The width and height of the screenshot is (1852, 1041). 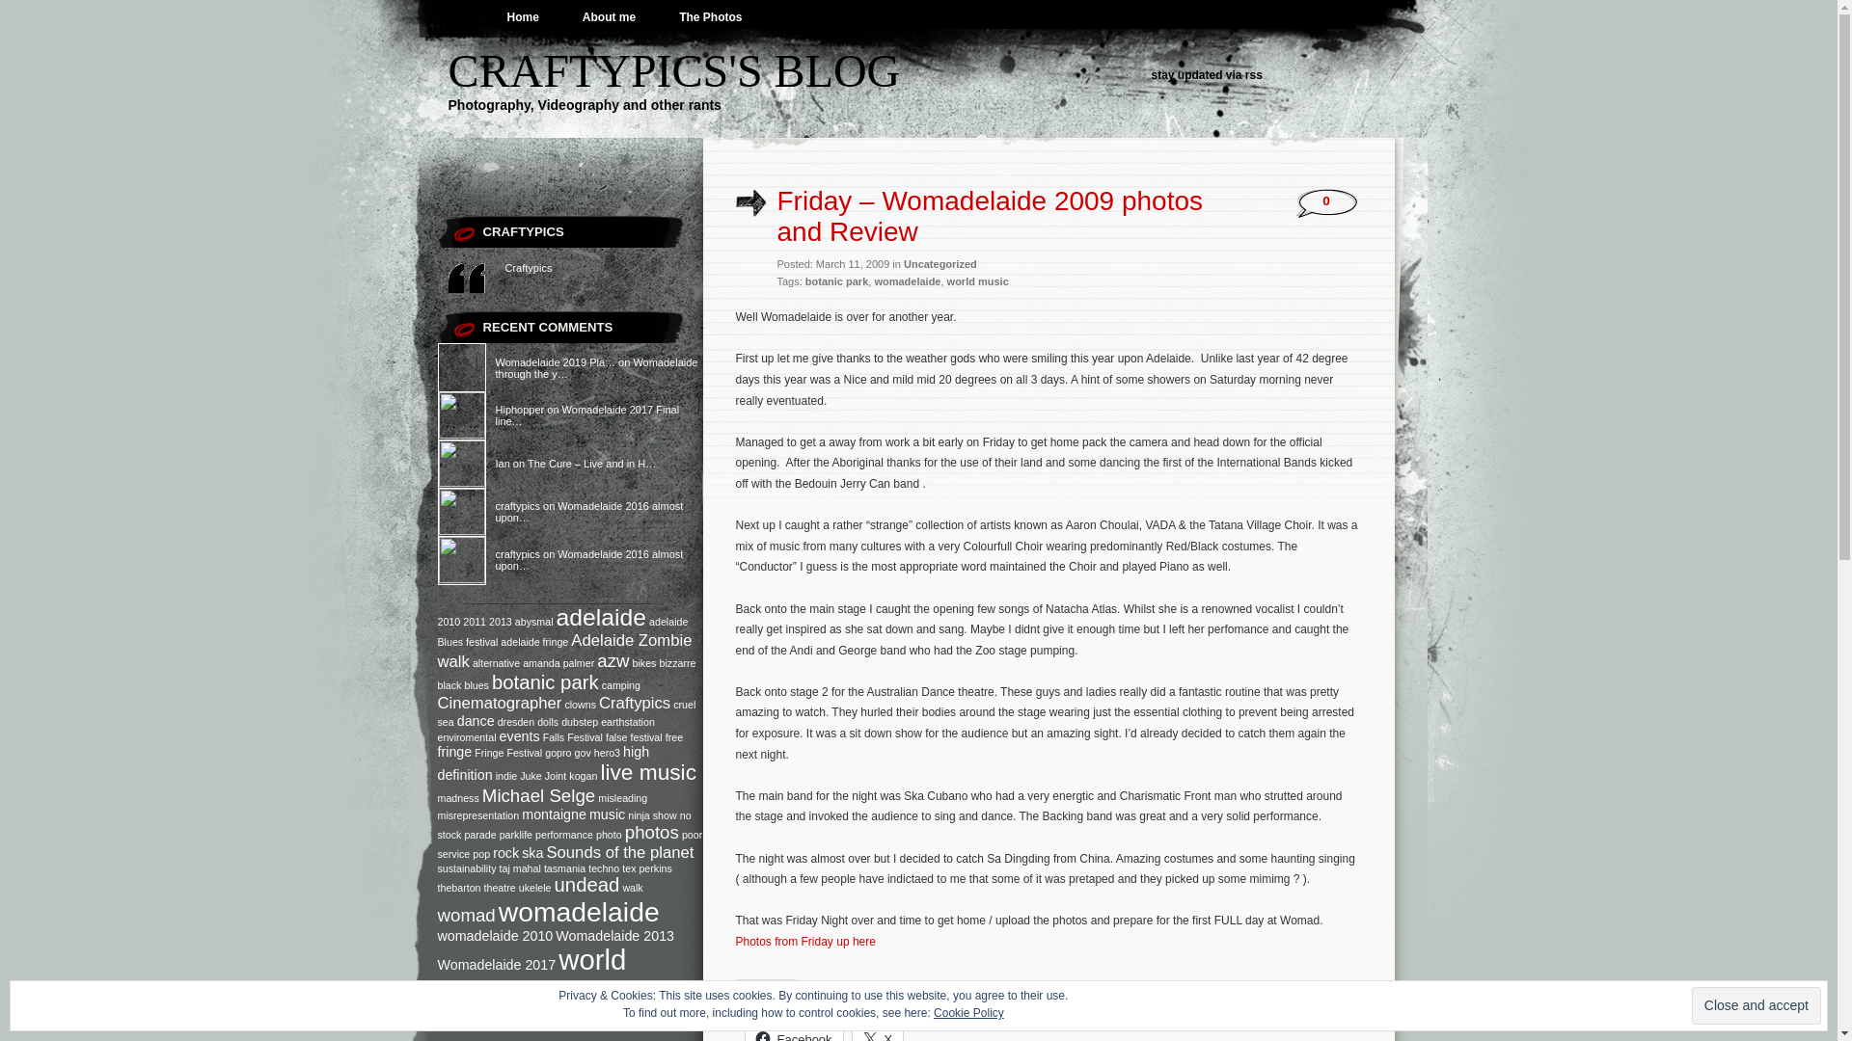 What do you see at coordinates (652, 814) in the screenshot?
I see `'ninja show'` at bounding box center [652, 814].